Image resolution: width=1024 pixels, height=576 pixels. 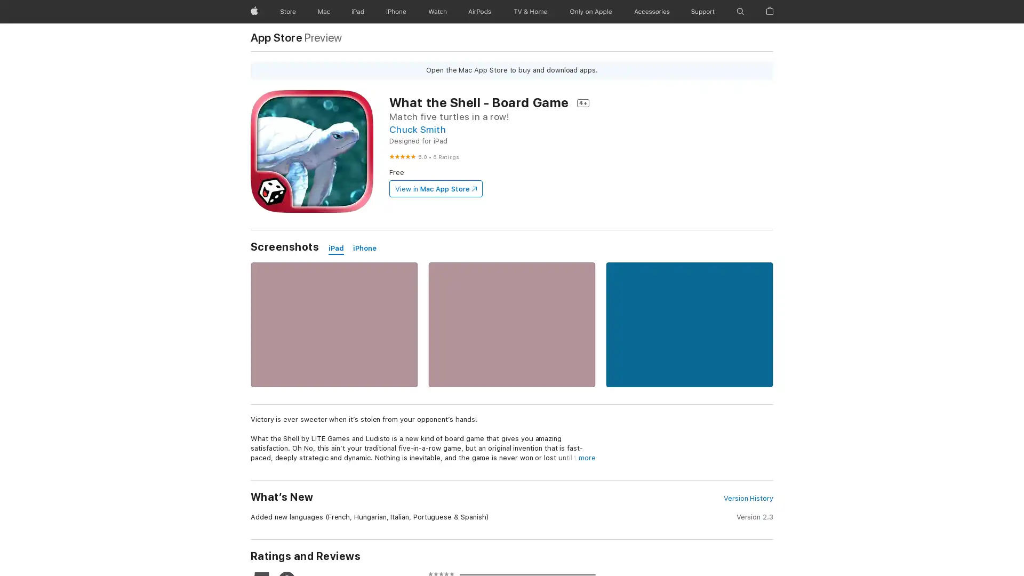 What do you see at coordinates (435, 188) in the screenshot?
I see `View in Mac App Store` at bounding box center [435, 188].